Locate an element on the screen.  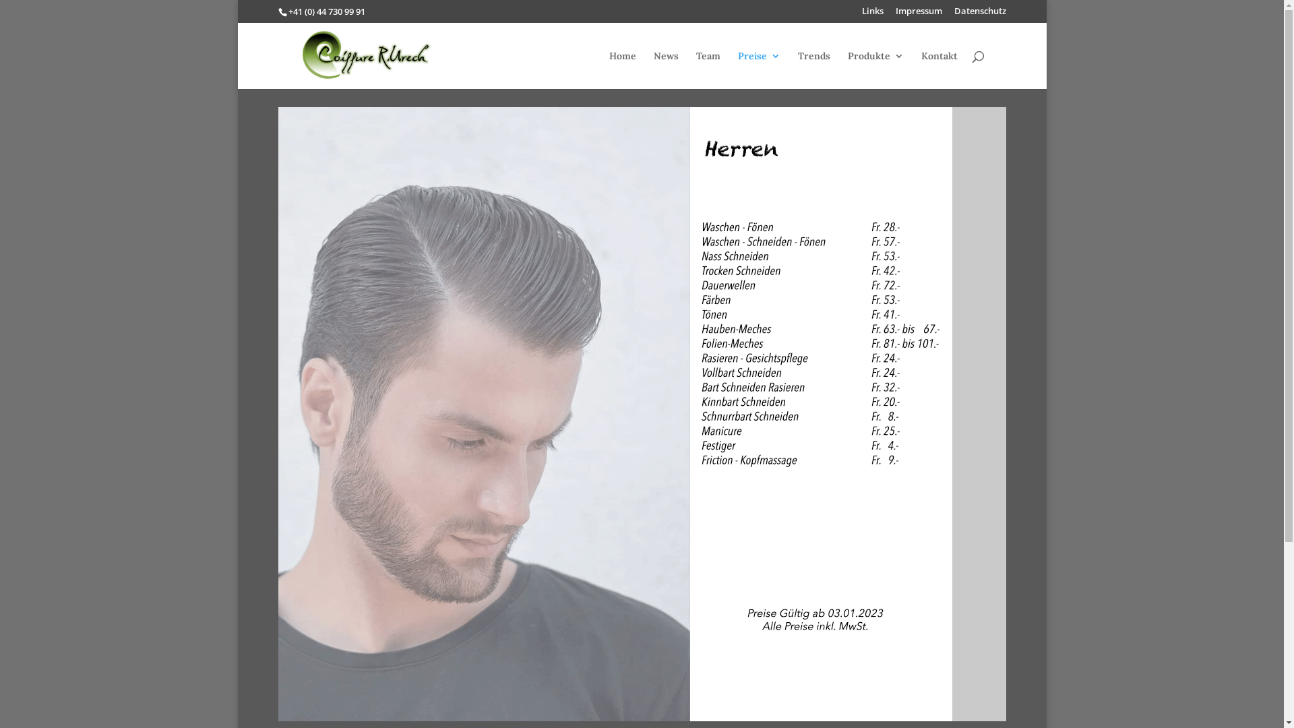
'Links' is located at coordinates (872, 14).